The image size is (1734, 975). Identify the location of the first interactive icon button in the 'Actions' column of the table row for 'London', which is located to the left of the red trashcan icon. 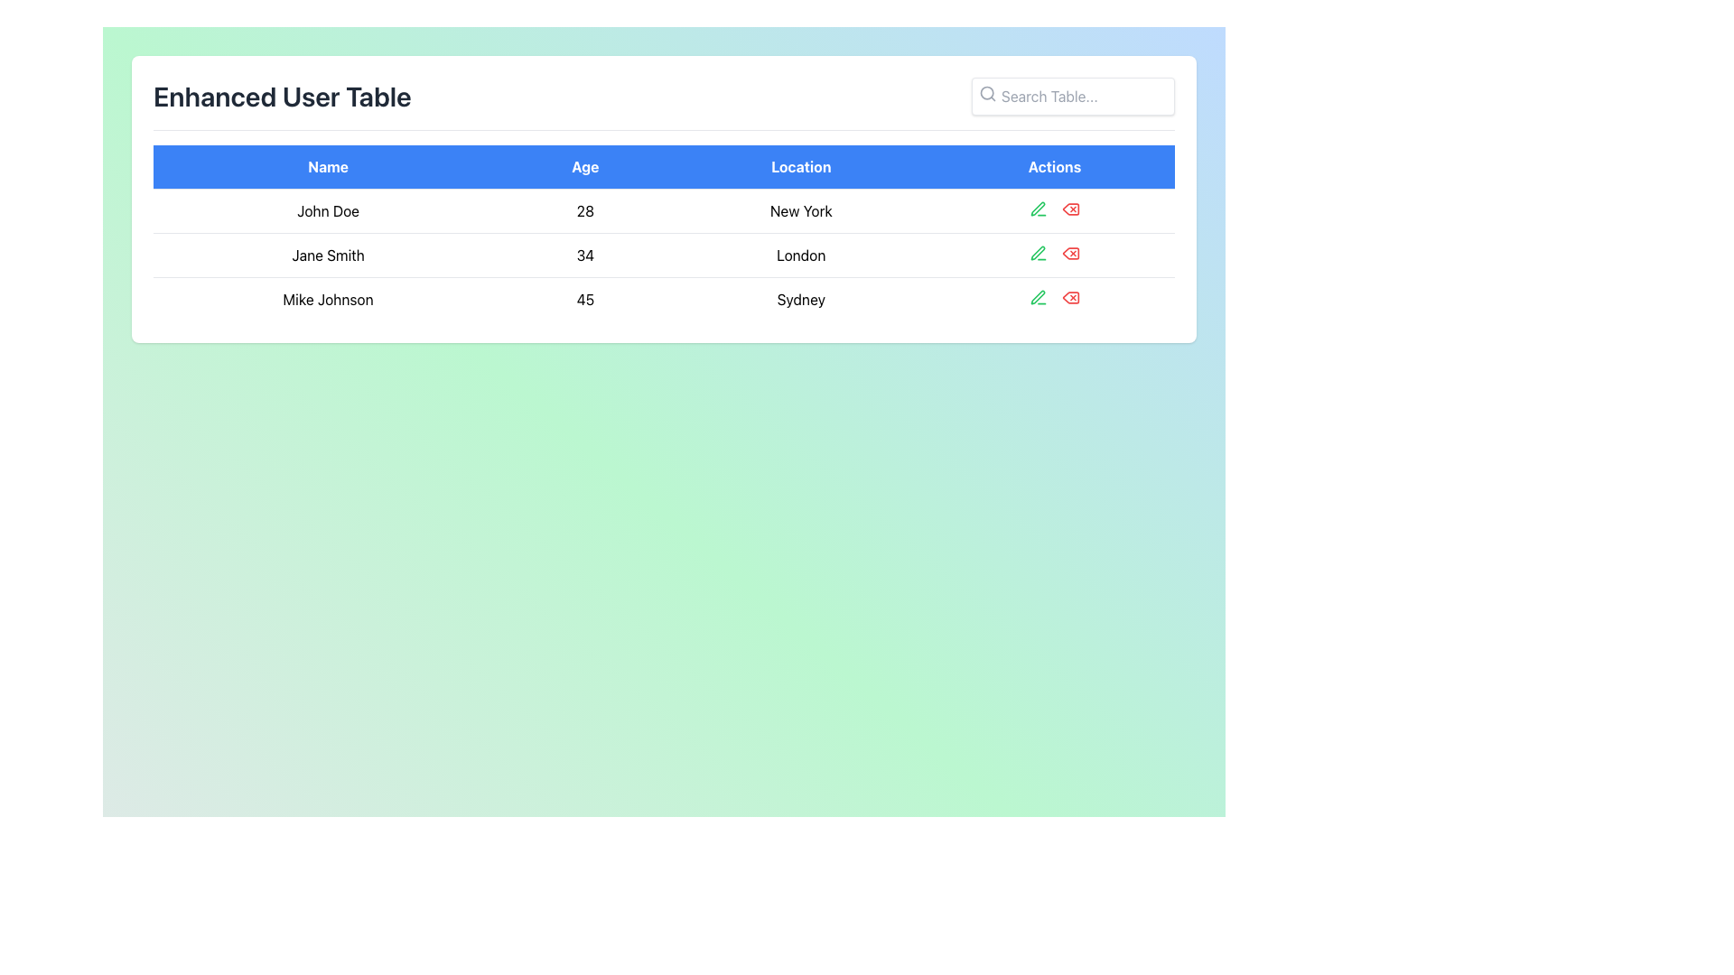
(1039, 254).